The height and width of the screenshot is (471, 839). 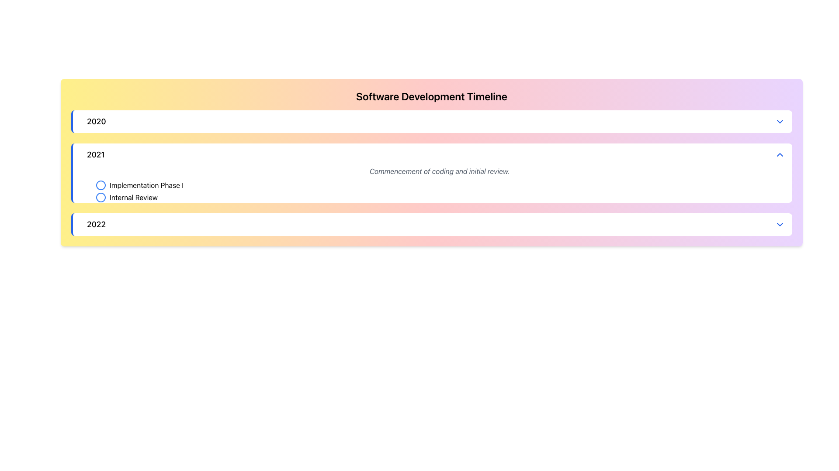 I want to click on the dropdown toggle icon located at the far-right end of the row containing the text '2020', so click(x=780, y=121).